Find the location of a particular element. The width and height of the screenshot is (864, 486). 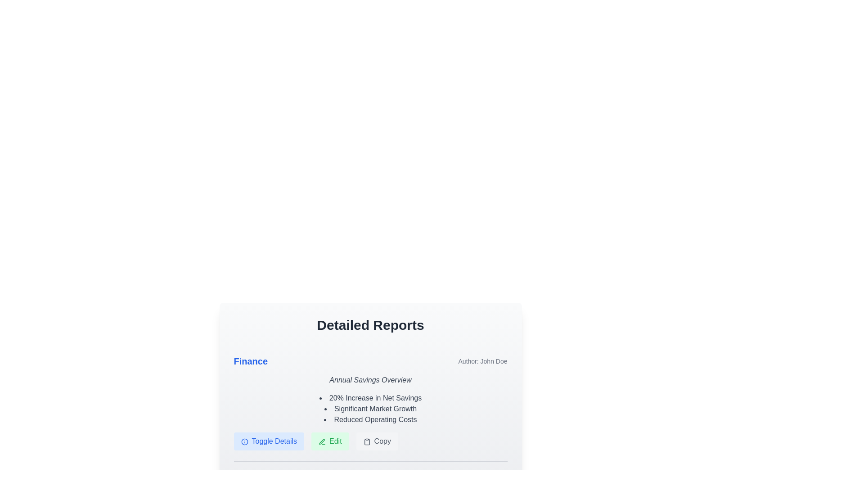

the 'Edit' button, which has a light green background and a pen icon, located between the 'Toggle Details' and 'Copy' buttons to initiate editing is located at coordinates (329, 441).